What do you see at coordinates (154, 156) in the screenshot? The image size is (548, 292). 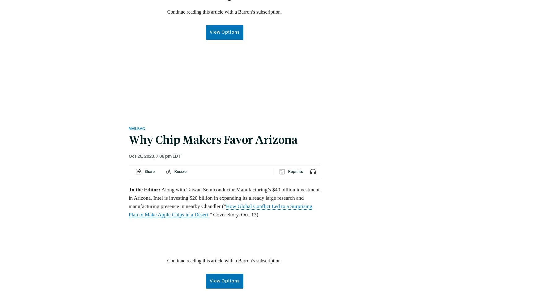 I see `'Oct 20, 2023, 7:08 pm EDT'` at bounding box center [154, 156].